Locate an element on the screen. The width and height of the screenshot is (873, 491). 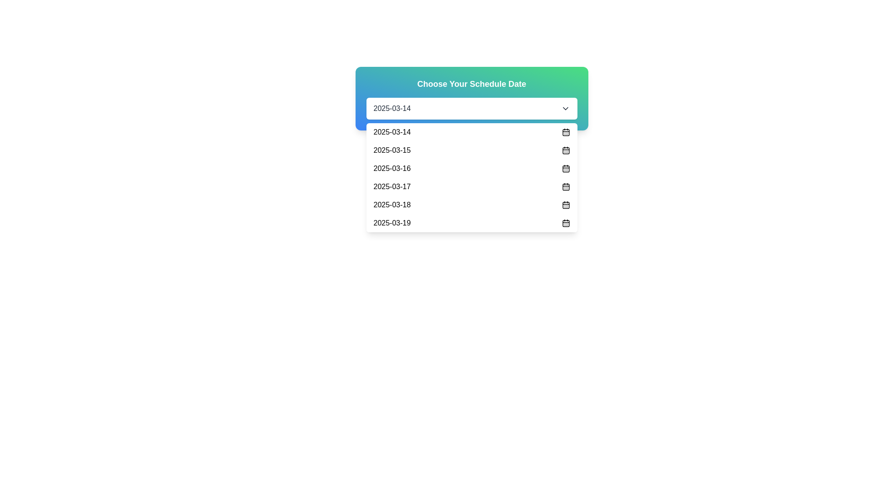
selectable option for the date '2025-03-15' in the date picker dropdown menu, which is the second item in the list of dates is located at coordinates (472, 150).